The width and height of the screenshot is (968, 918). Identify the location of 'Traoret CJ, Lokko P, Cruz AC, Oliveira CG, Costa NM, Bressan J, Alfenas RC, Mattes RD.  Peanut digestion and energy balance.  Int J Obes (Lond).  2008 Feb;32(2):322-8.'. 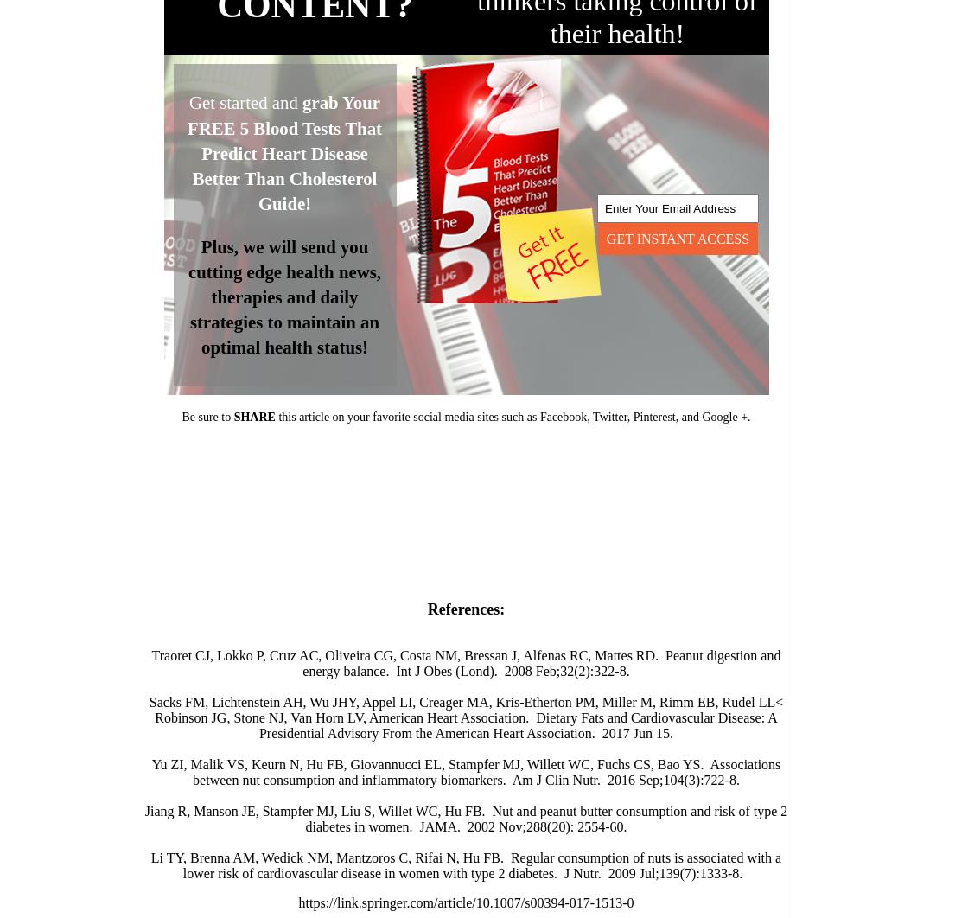
(466, 663).